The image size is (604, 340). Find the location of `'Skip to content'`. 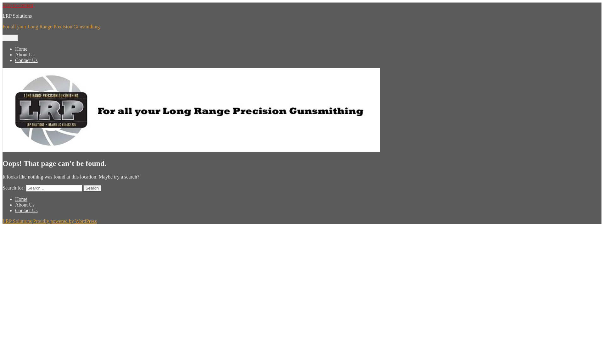

'Skip to content' is located at coordinates (18, 5).